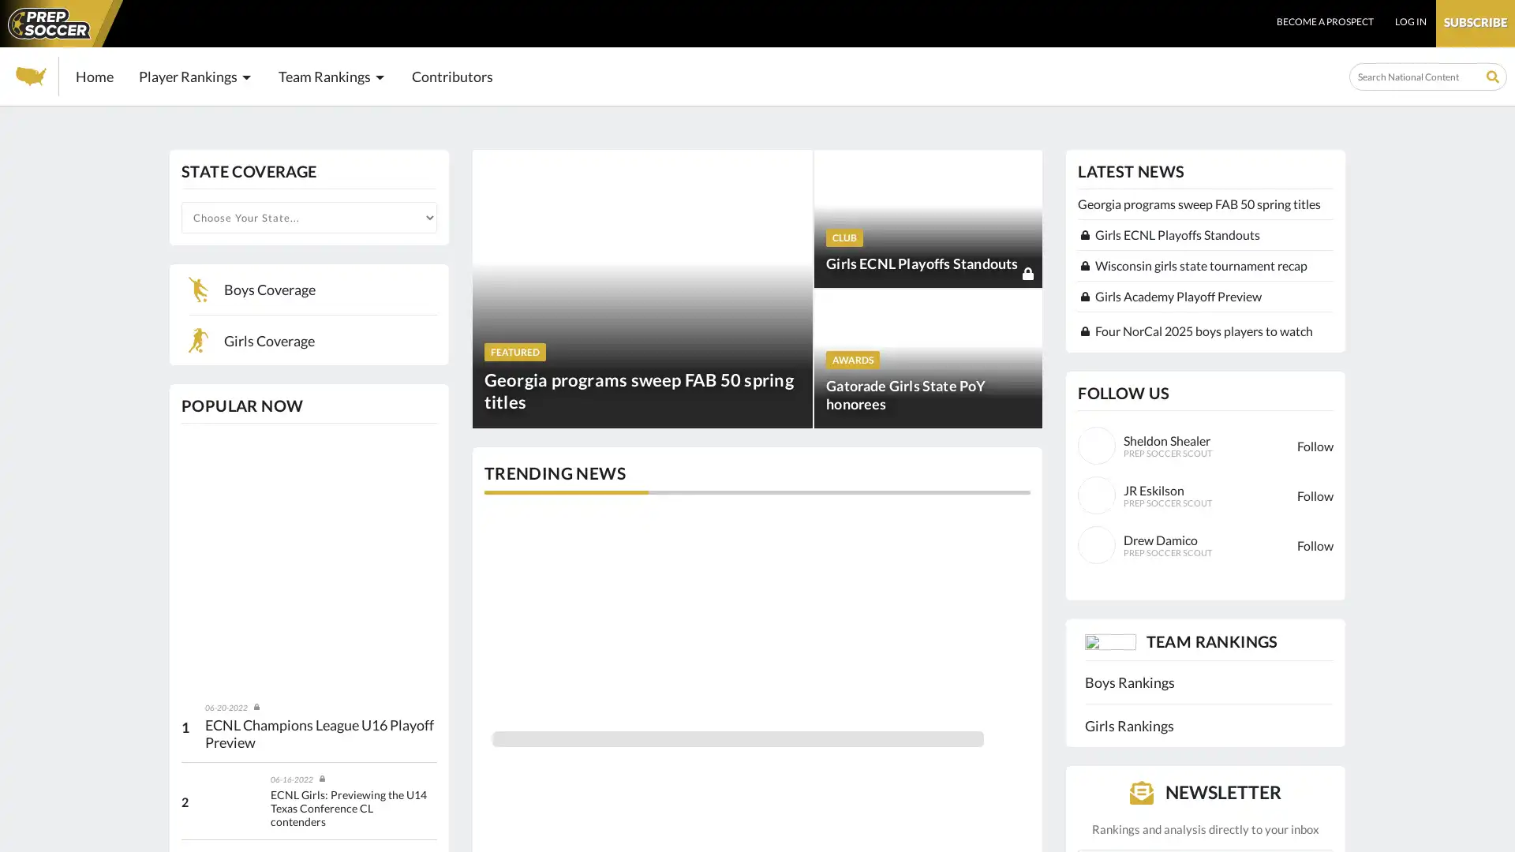 The width and height of the screenshot is (1515, 852). Describe the element at coordinates (484, 616) in the screenshot. I see `Previous` at that location.